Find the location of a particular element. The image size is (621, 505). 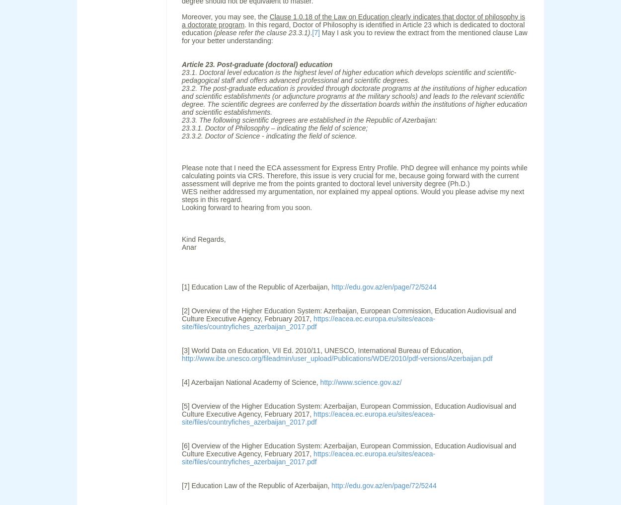

'http://www.ibe.unesco.org/fileadmin/user_upload/Publications/WDE/2010/pdf-versions/Azerbaijan.pdf' is located at coordinates (337, 358).